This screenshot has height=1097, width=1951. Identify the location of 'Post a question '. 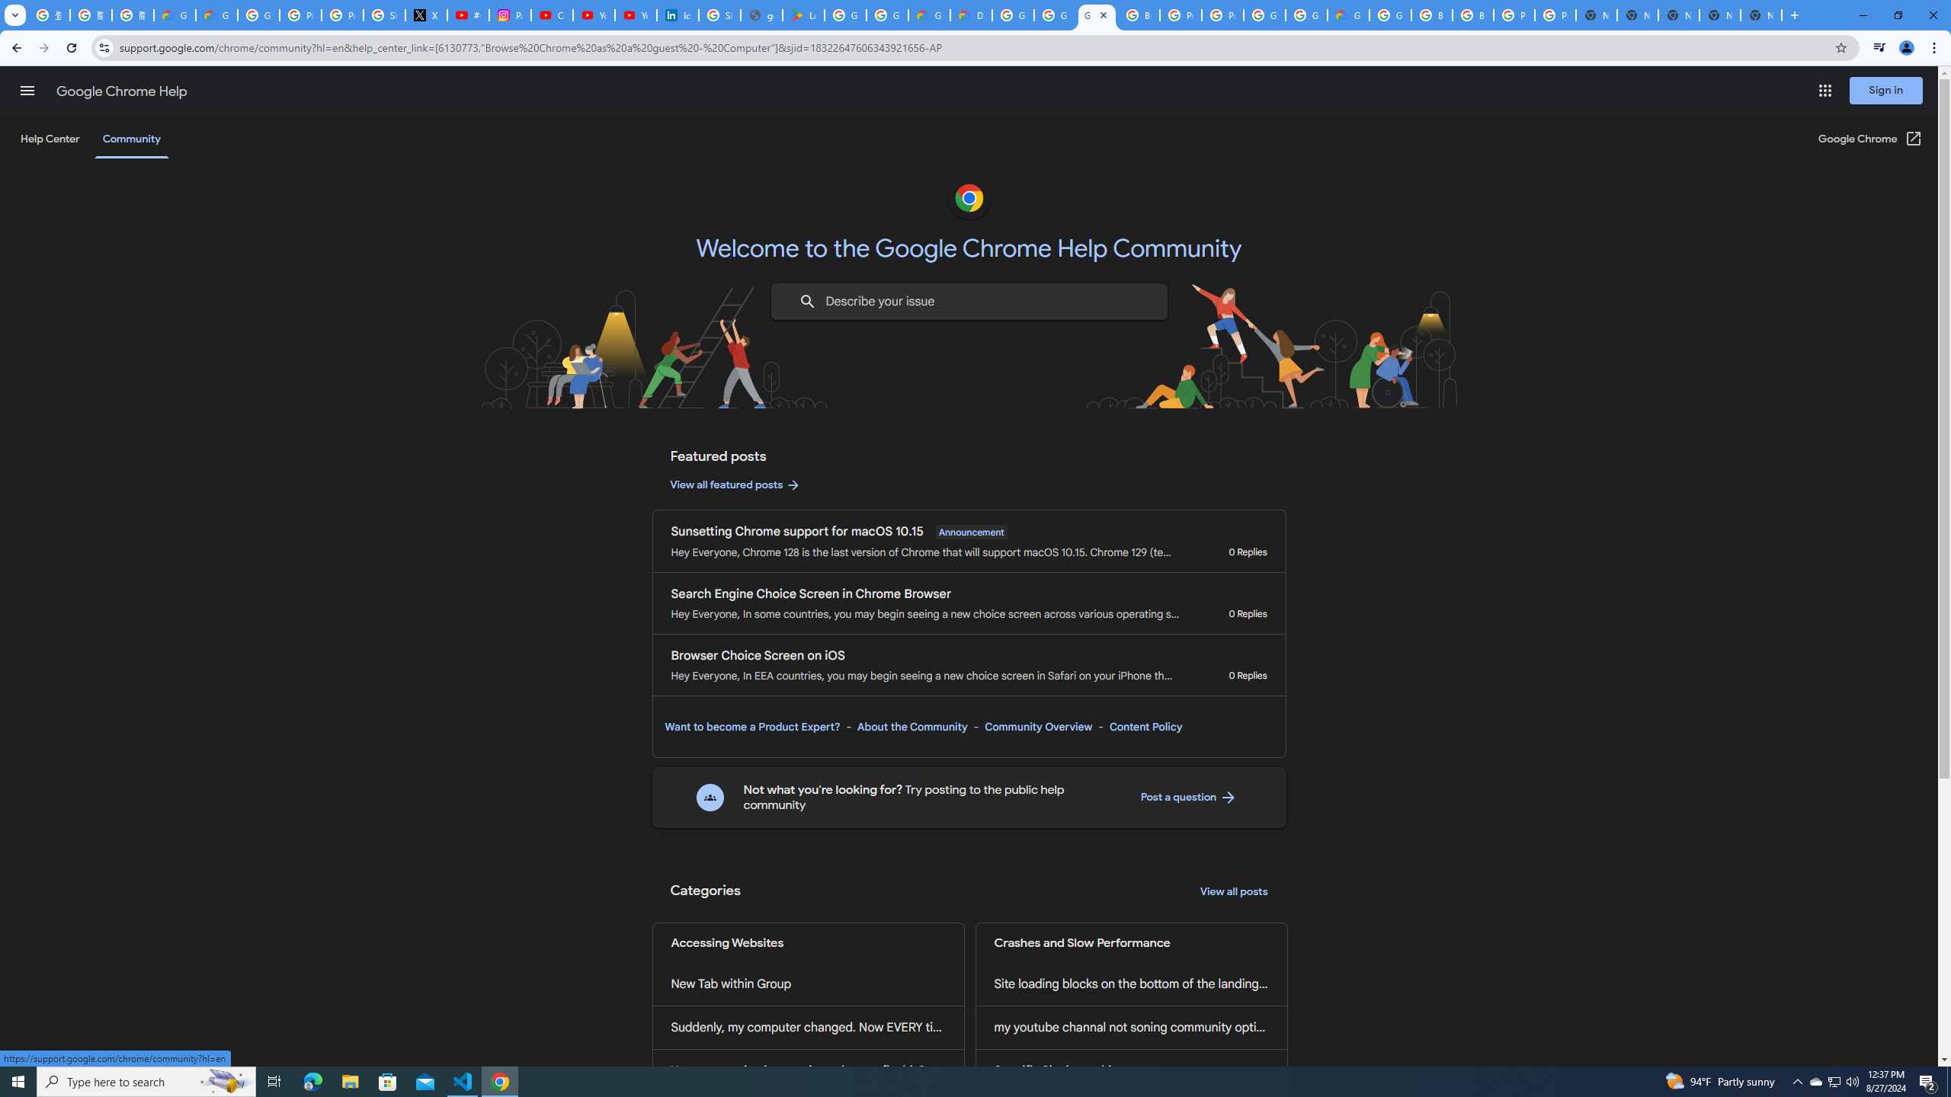
(1187, 796).